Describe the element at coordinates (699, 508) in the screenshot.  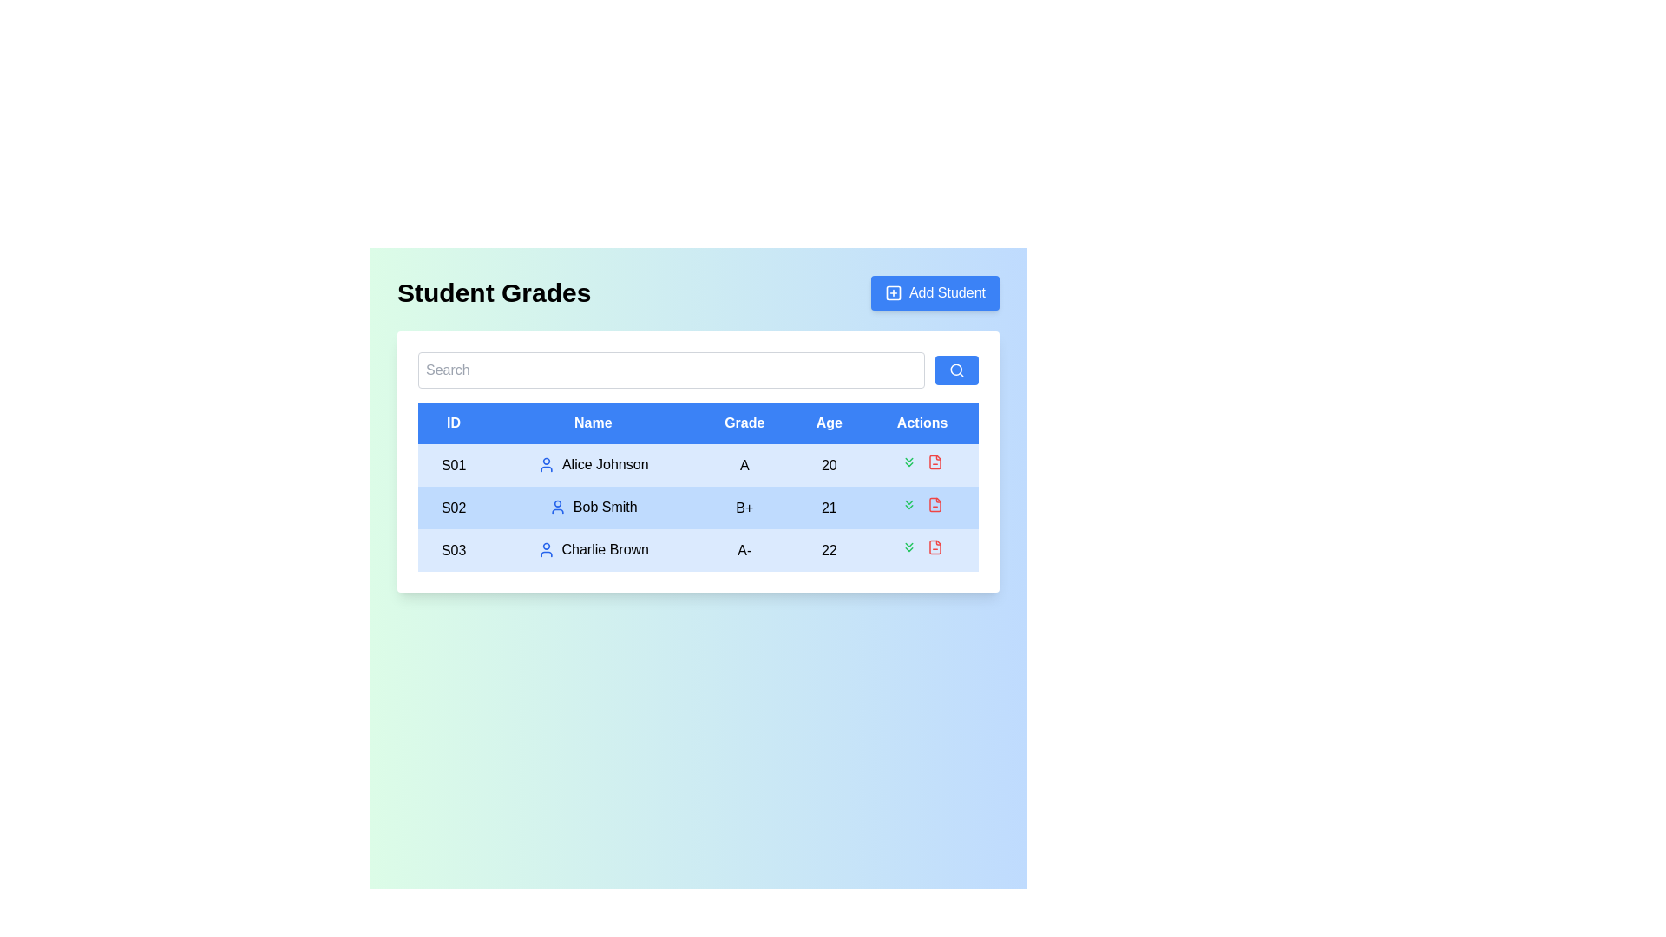
I see `the second table row that contains detailed information about a student, positioned between 'S01 Alice Johnson A 20' and 'S03 Charlie Brown A- 22'` at that location.